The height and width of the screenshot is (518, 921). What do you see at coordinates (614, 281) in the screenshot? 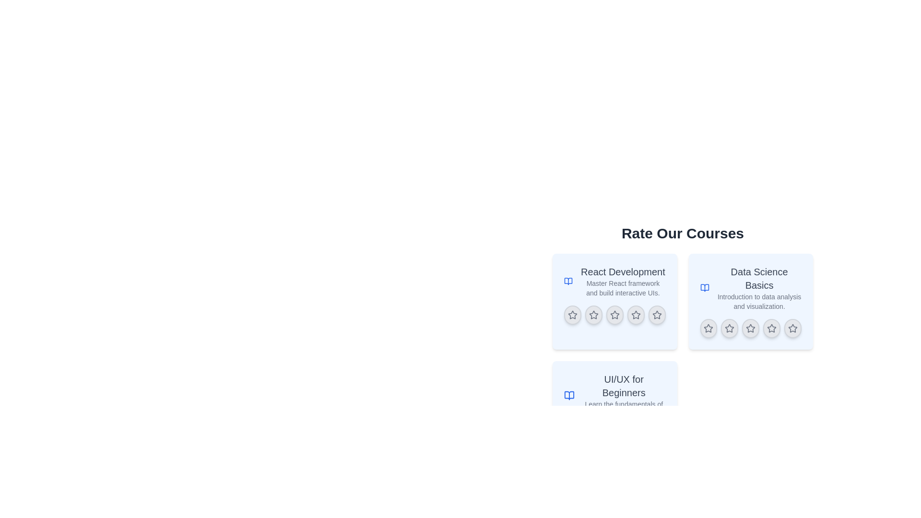
I see `the Information card header for the React development course, which is positioned at the top row of the card layout, to the left of the 'Data Science Basics' card and above the 'UI/UX for Beginners' card` at bounding box center [614, 281].